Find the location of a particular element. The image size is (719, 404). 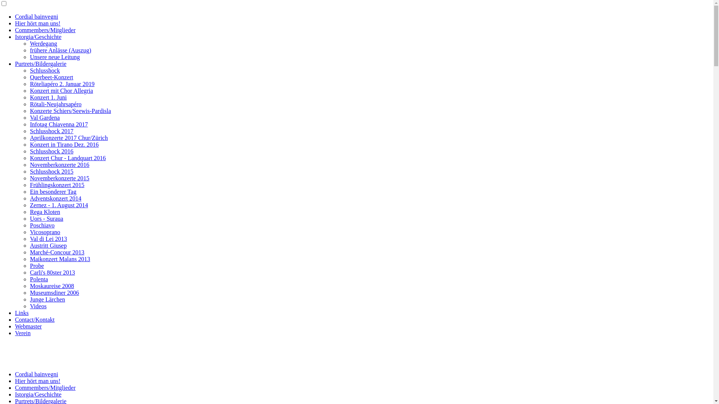

'Infotag Chiavenna 2017' is located at coordinates (58, 124).